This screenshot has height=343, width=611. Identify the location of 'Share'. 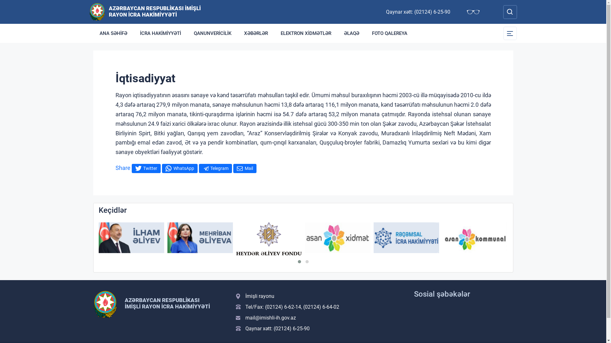
(115, 167).